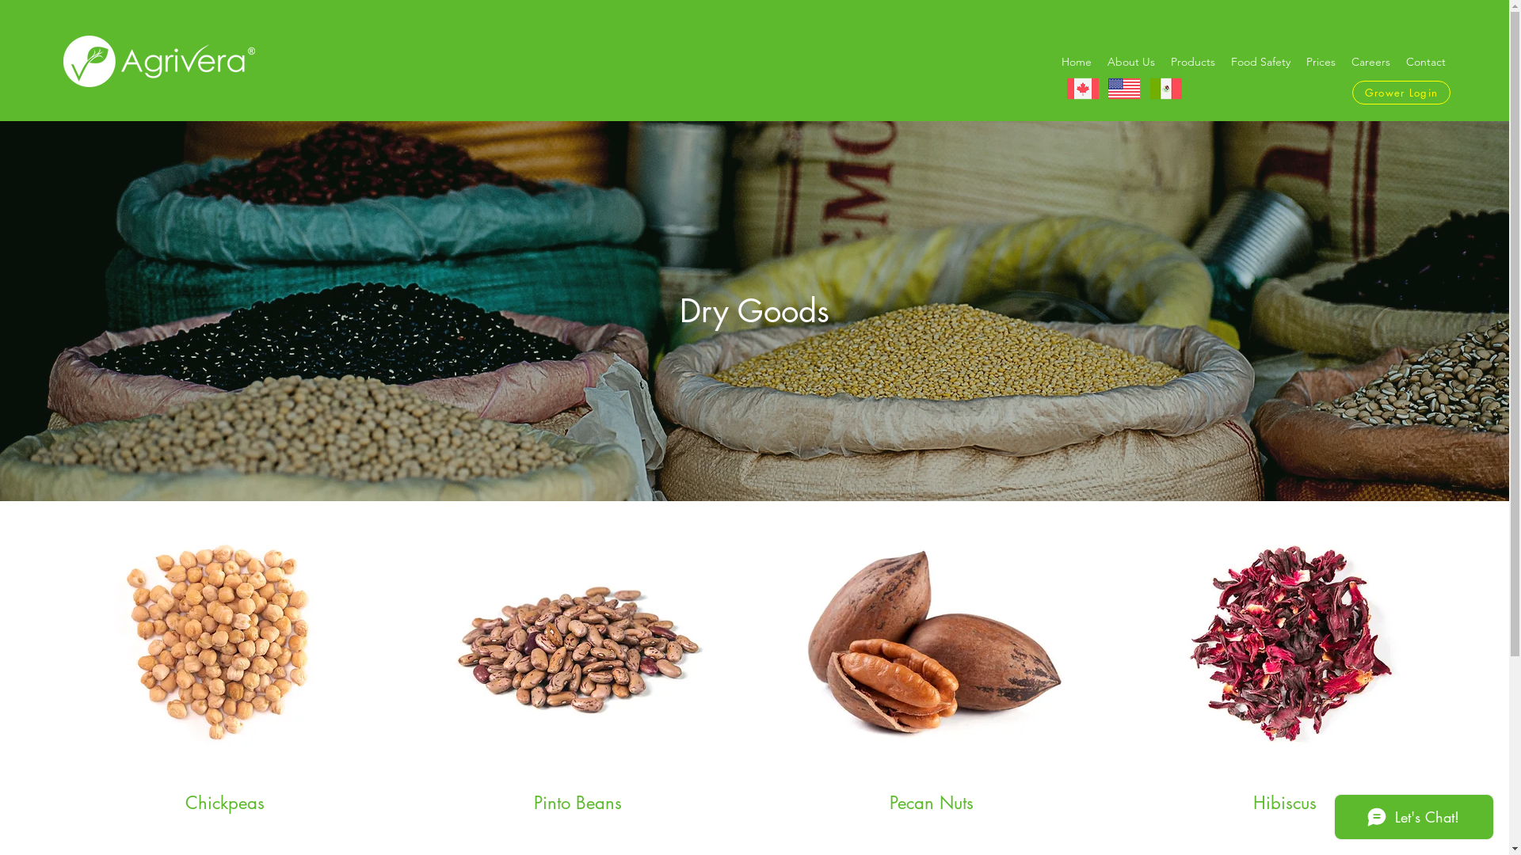 The width and height of the screenshot is (1521, 855). Describe the element at coordinates (1426, 60) in the screenshot. I see `'Contact'` at that location.